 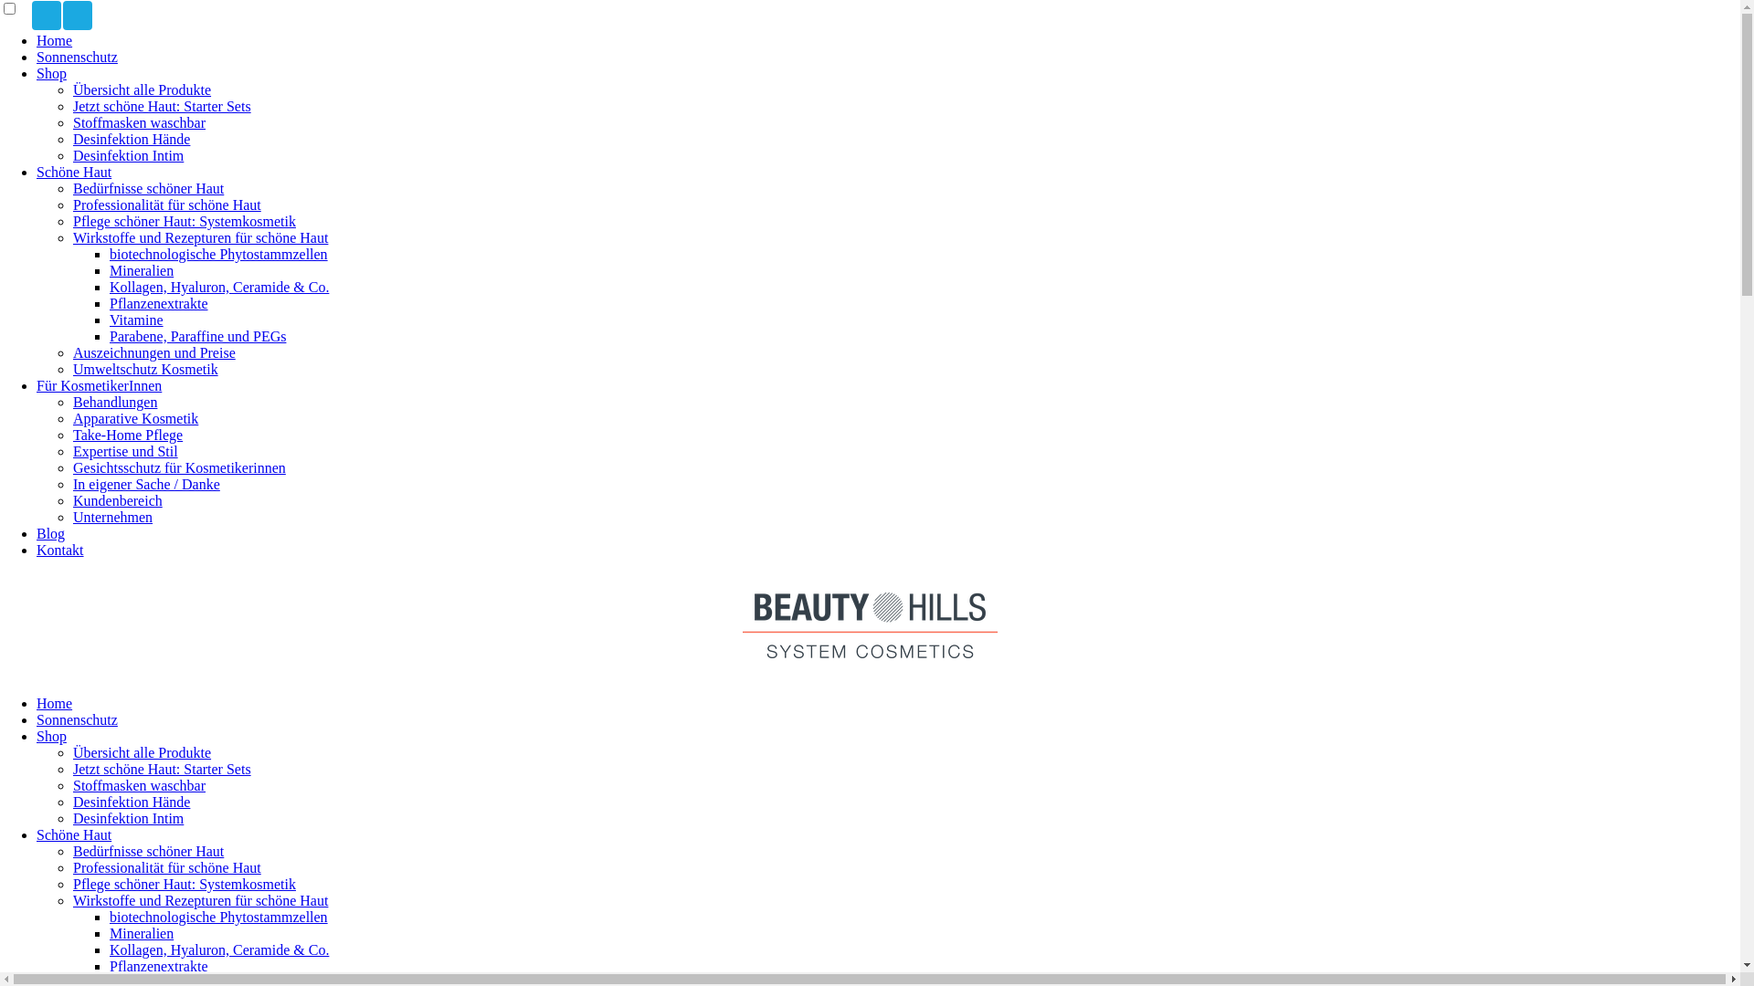 What do you see at coordinates (197, 336) in the screenshot?
I see `'Parabene, Paraffine und PEGs'` at bounding box center [197, 336].